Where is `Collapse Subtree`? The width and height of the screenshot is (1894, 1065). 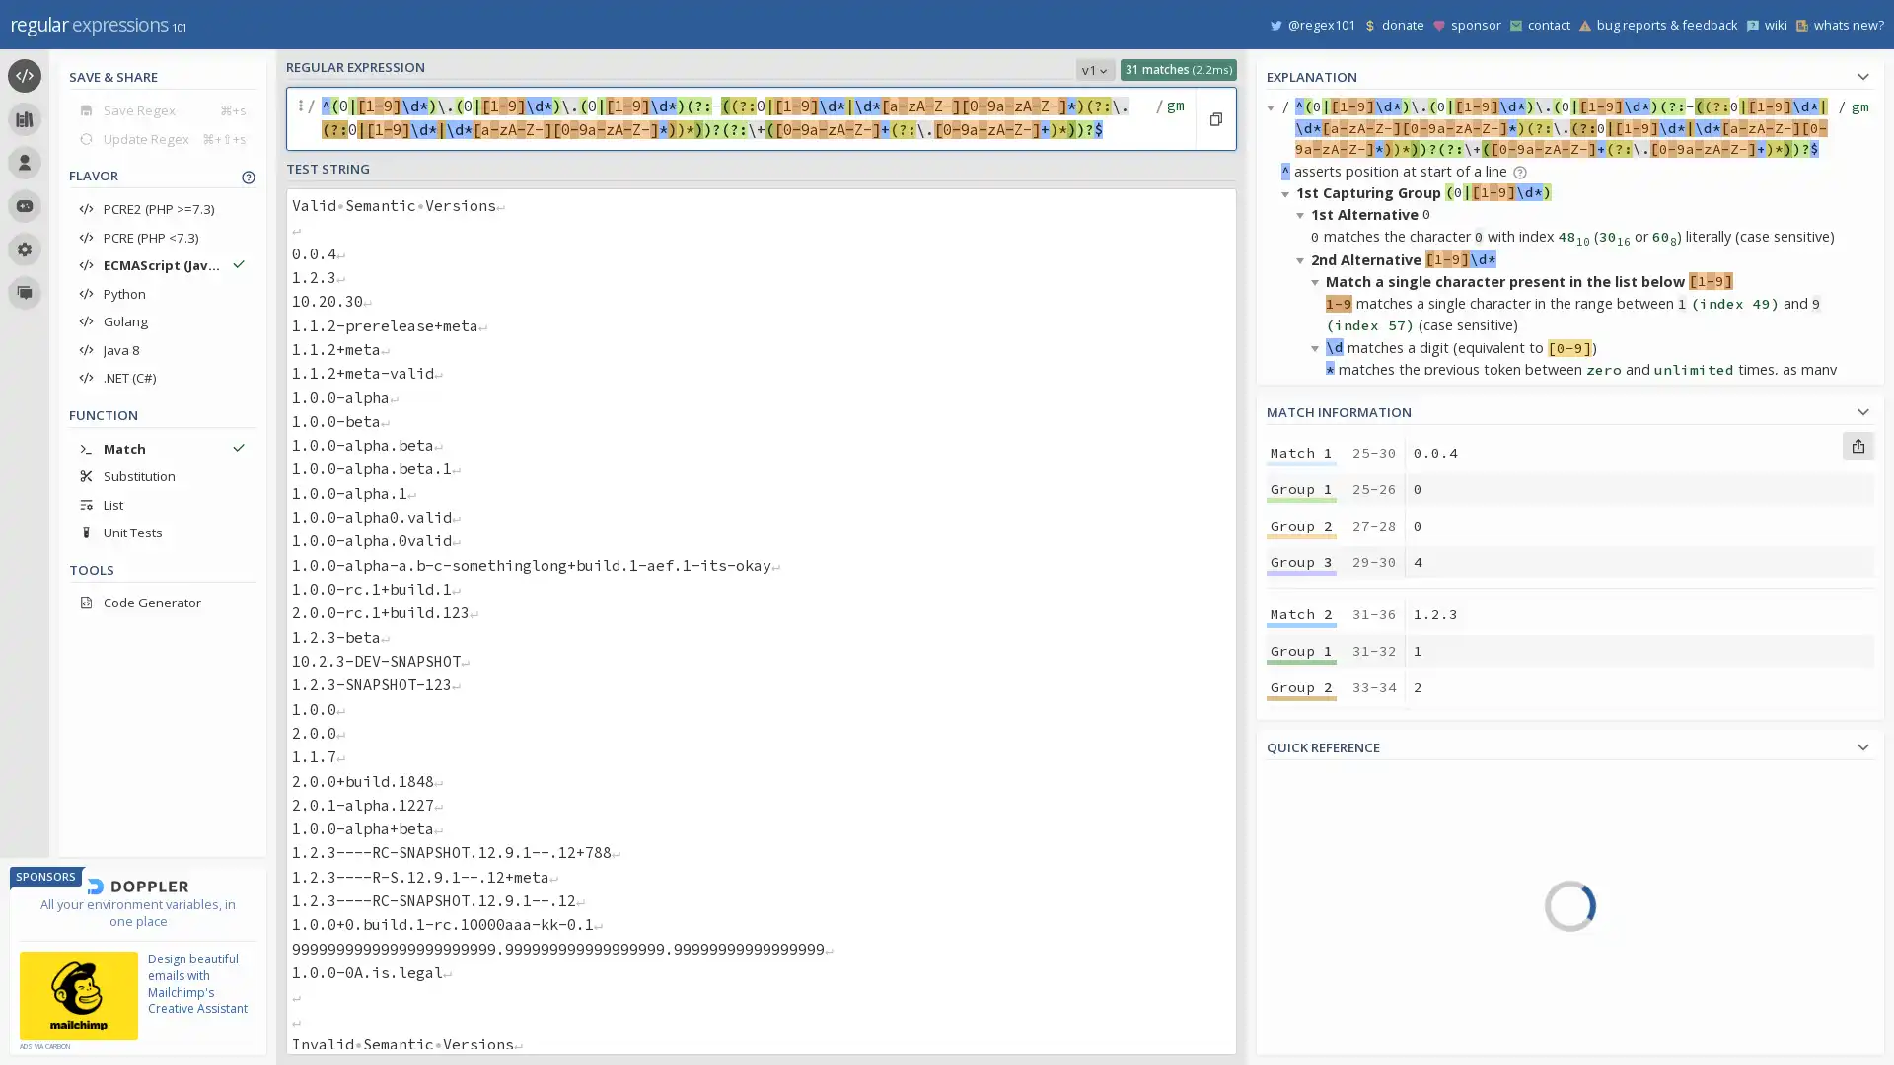 Collapse Subtree is located at coordinates (1274, 106).